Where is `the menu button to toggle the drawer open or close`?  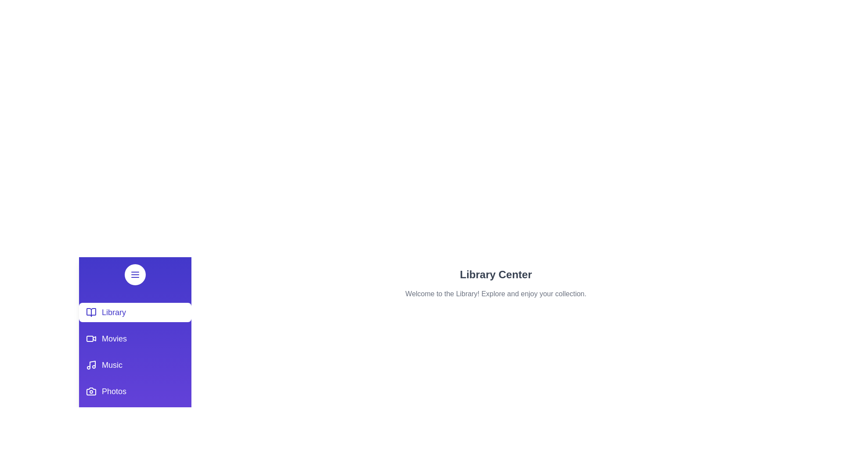 the menu button to toggle the drawer open or close is located at coordinates (134, 274).